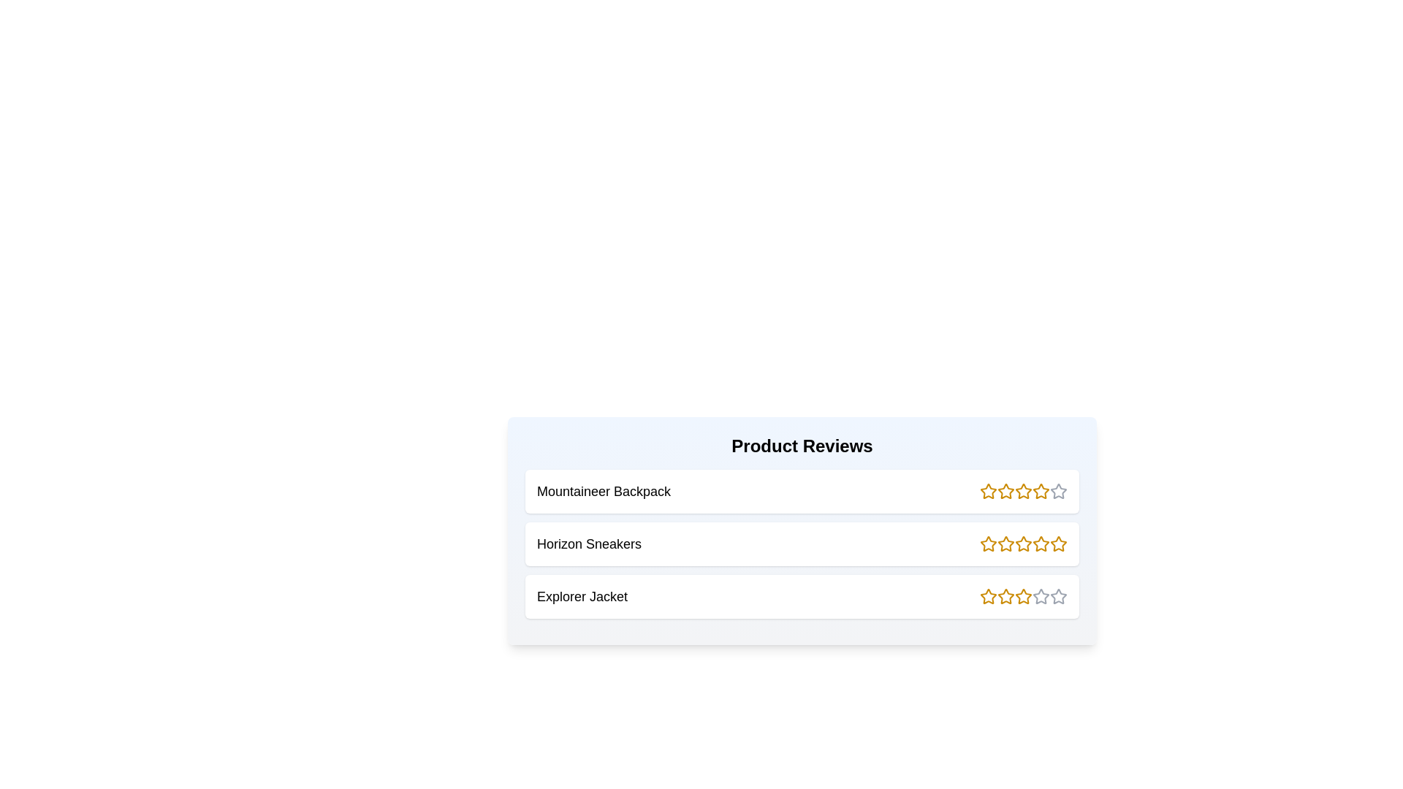  I want to click on the rating of a product to 3 stars by clicking the corresponding star icon for the product Horizon Sneakers, so click(1023, 544).